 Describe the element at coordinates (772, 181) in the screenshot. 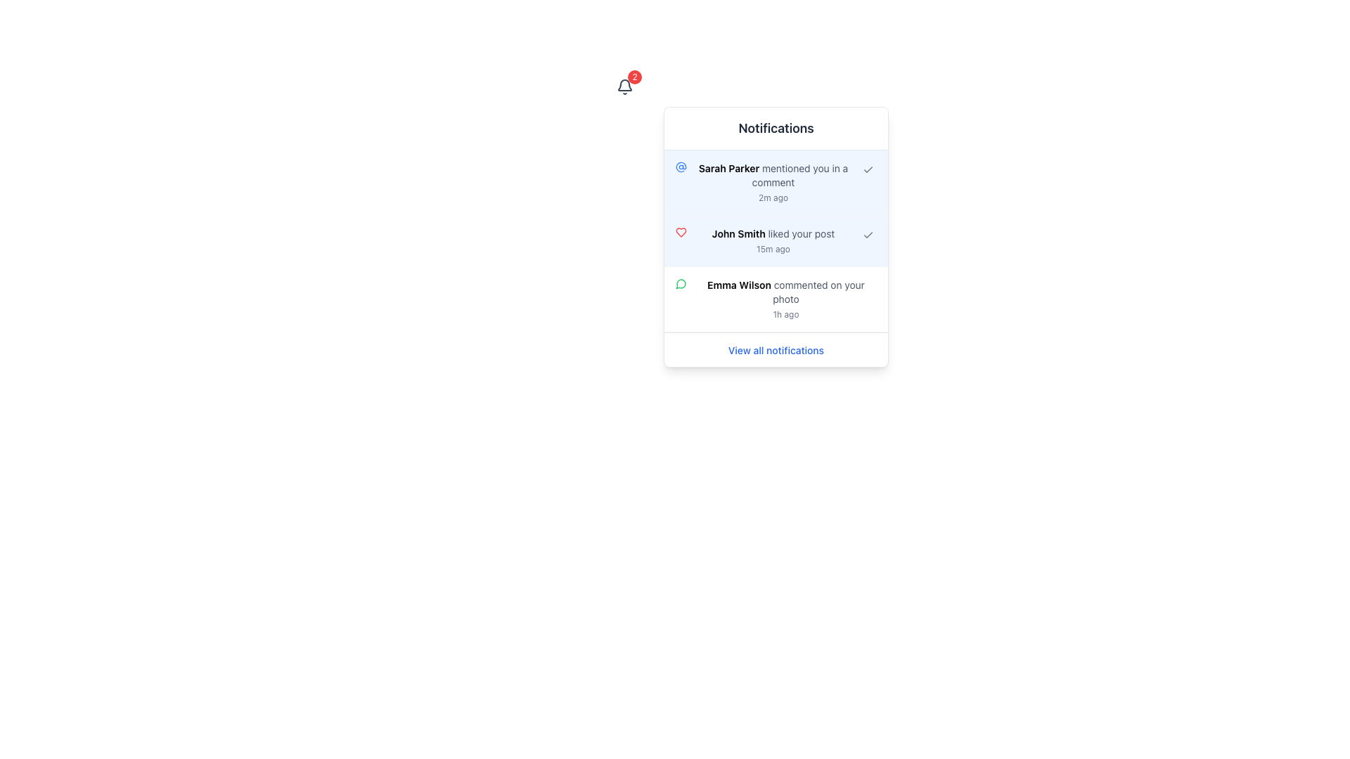

I see `the first notification item in the notification panel that indicates 'Sarah Parker mentioned you in a comment'` at that location.